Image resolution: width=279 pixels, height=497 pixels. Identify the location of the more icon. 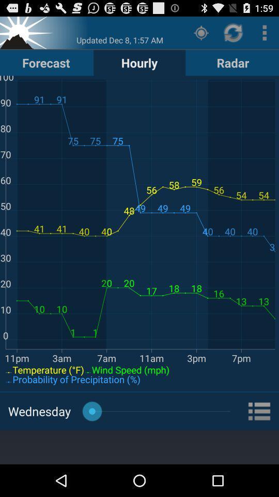
(265, 35).